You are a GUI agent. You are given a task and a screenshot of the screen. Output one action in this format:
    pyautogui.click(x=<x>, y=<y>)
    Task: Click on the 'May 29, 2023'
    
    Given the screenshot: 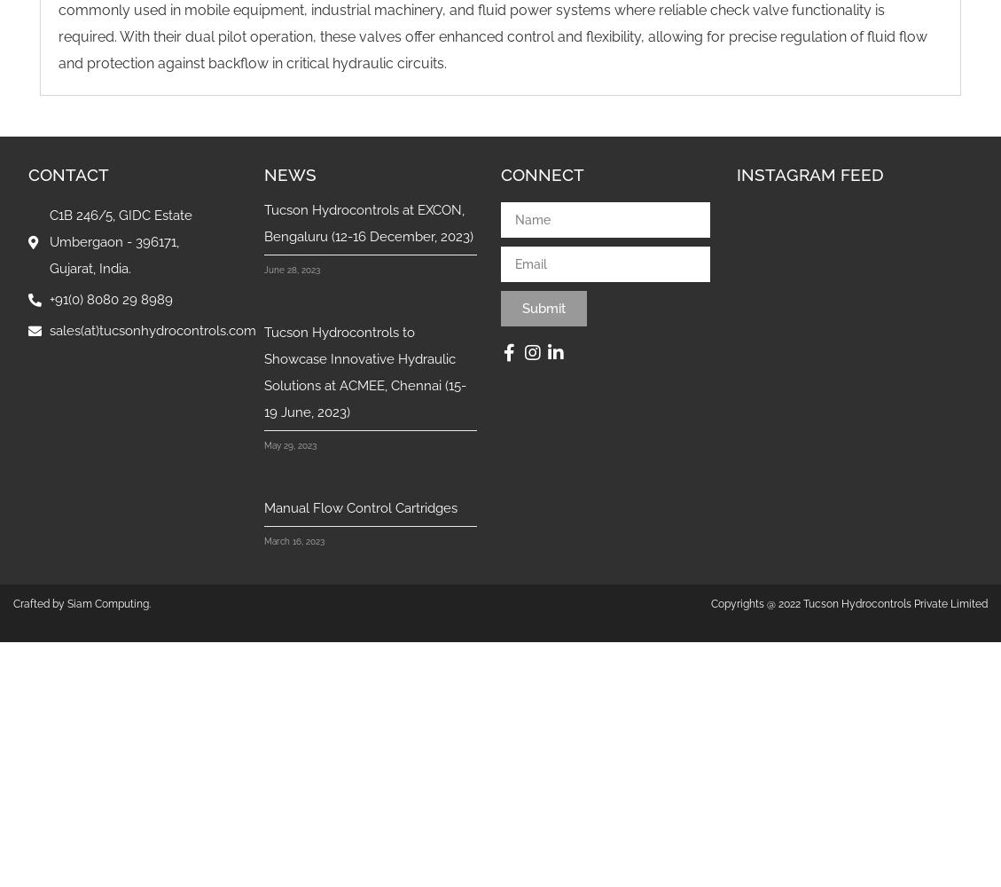 What is the action you would take?
    pyautogui.click(x=290, y=445)
    